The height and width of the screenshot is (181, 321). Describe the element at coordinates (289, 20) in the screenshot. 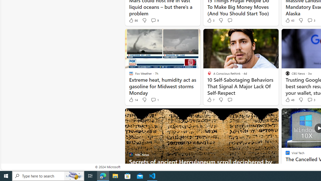

I see `'43 Like'` at that location.